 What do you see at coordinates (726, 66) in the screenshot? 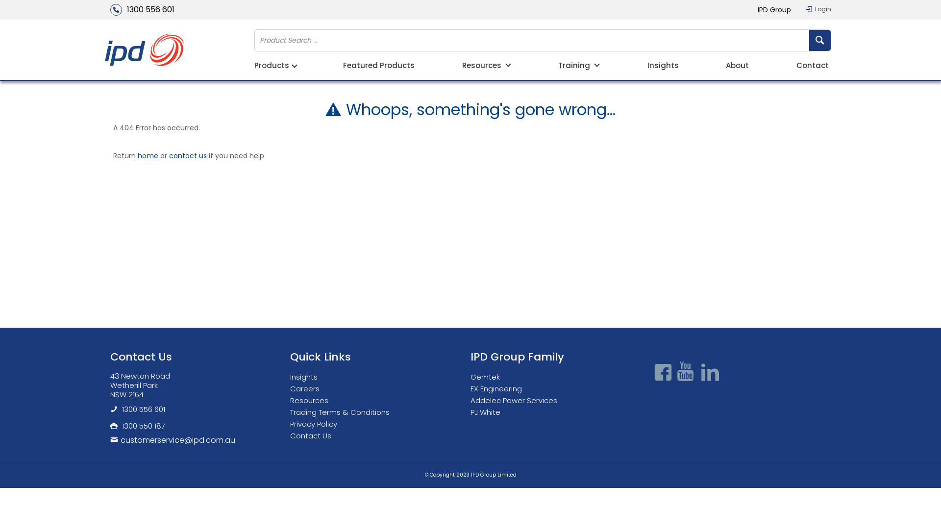
I see `'About'` at bounding box center [726, 66].